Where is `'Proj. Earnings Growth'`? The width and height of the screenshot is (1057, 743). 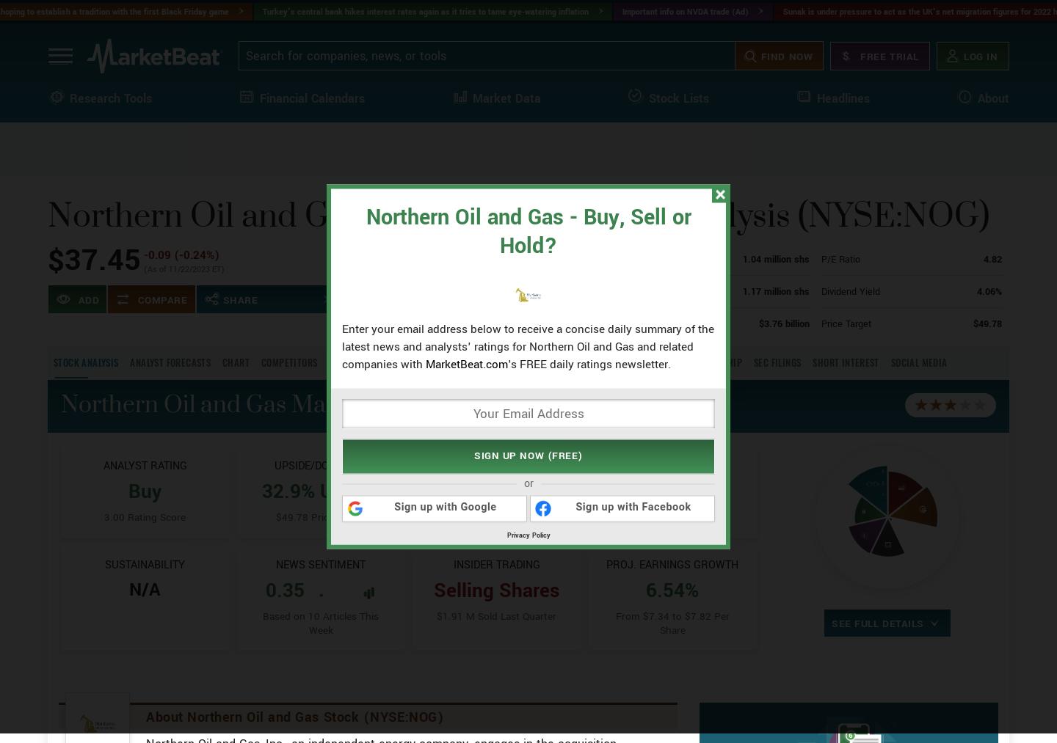
'Proj. Earnings Growth' is located at coordinates (672, 616).